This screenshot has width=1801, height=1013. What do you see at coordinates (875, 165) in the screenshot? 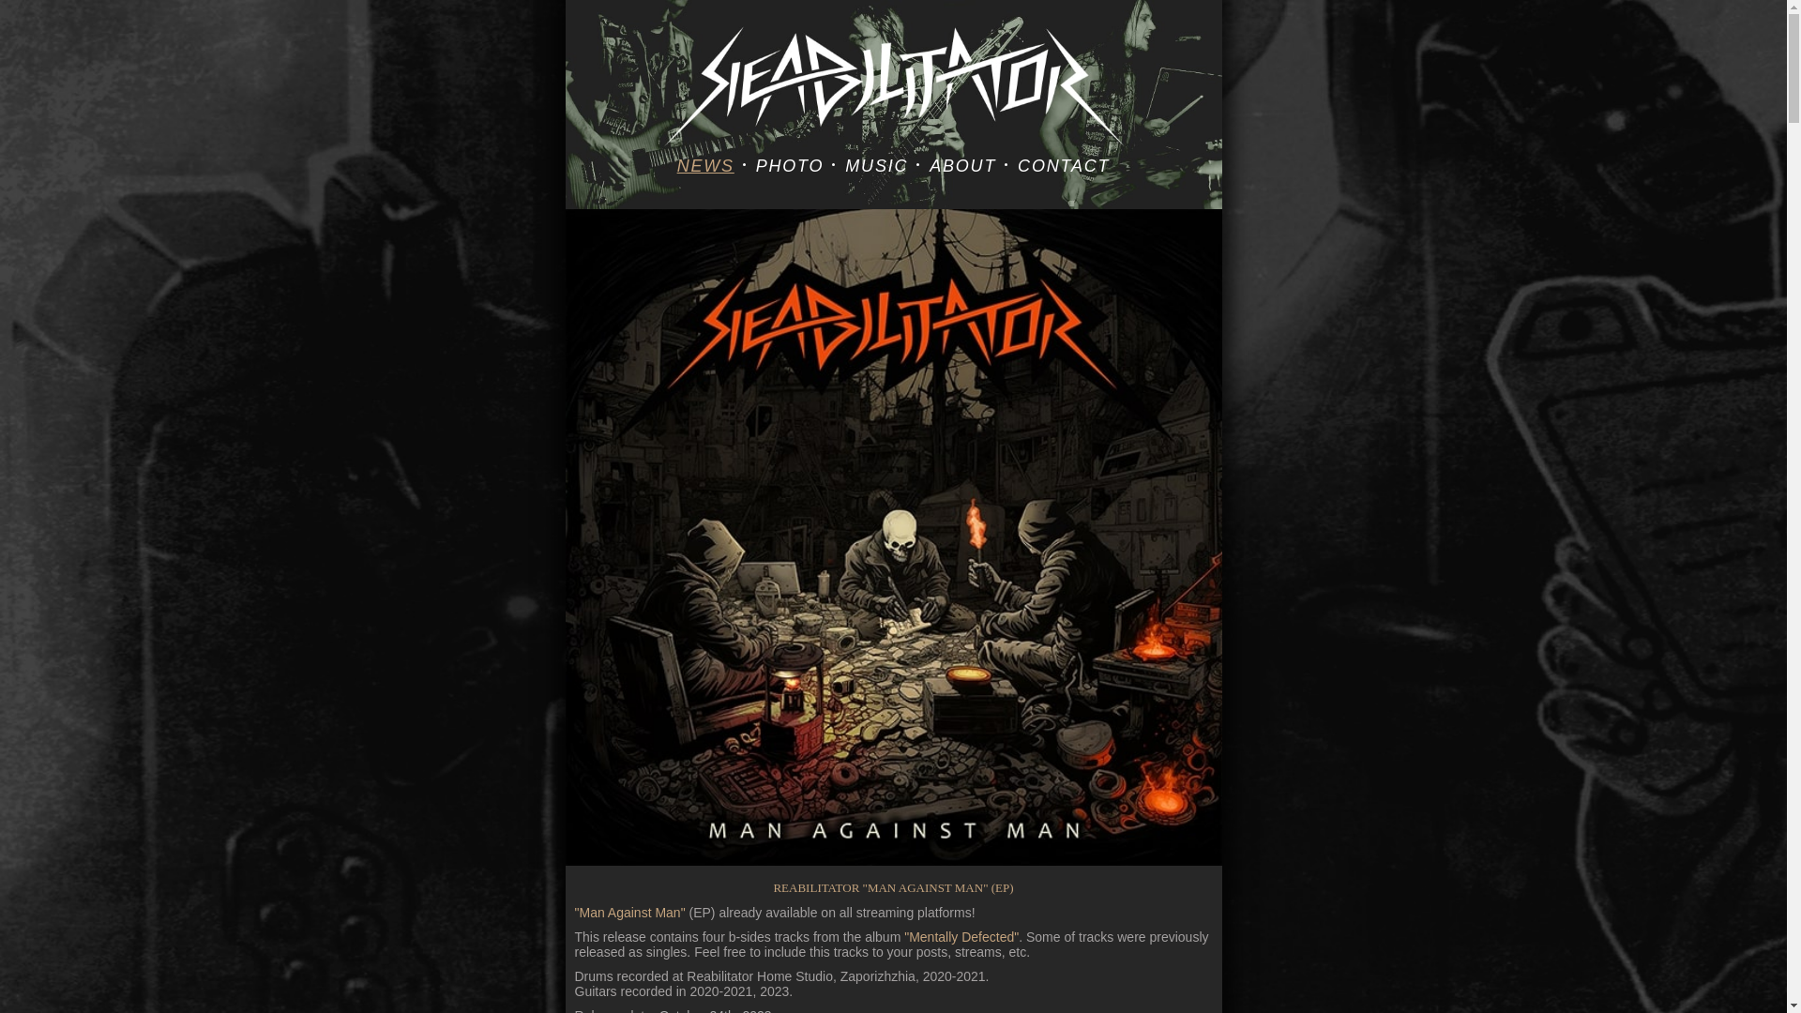
I see `'MUSIC'` at bounding box center [875, 165].